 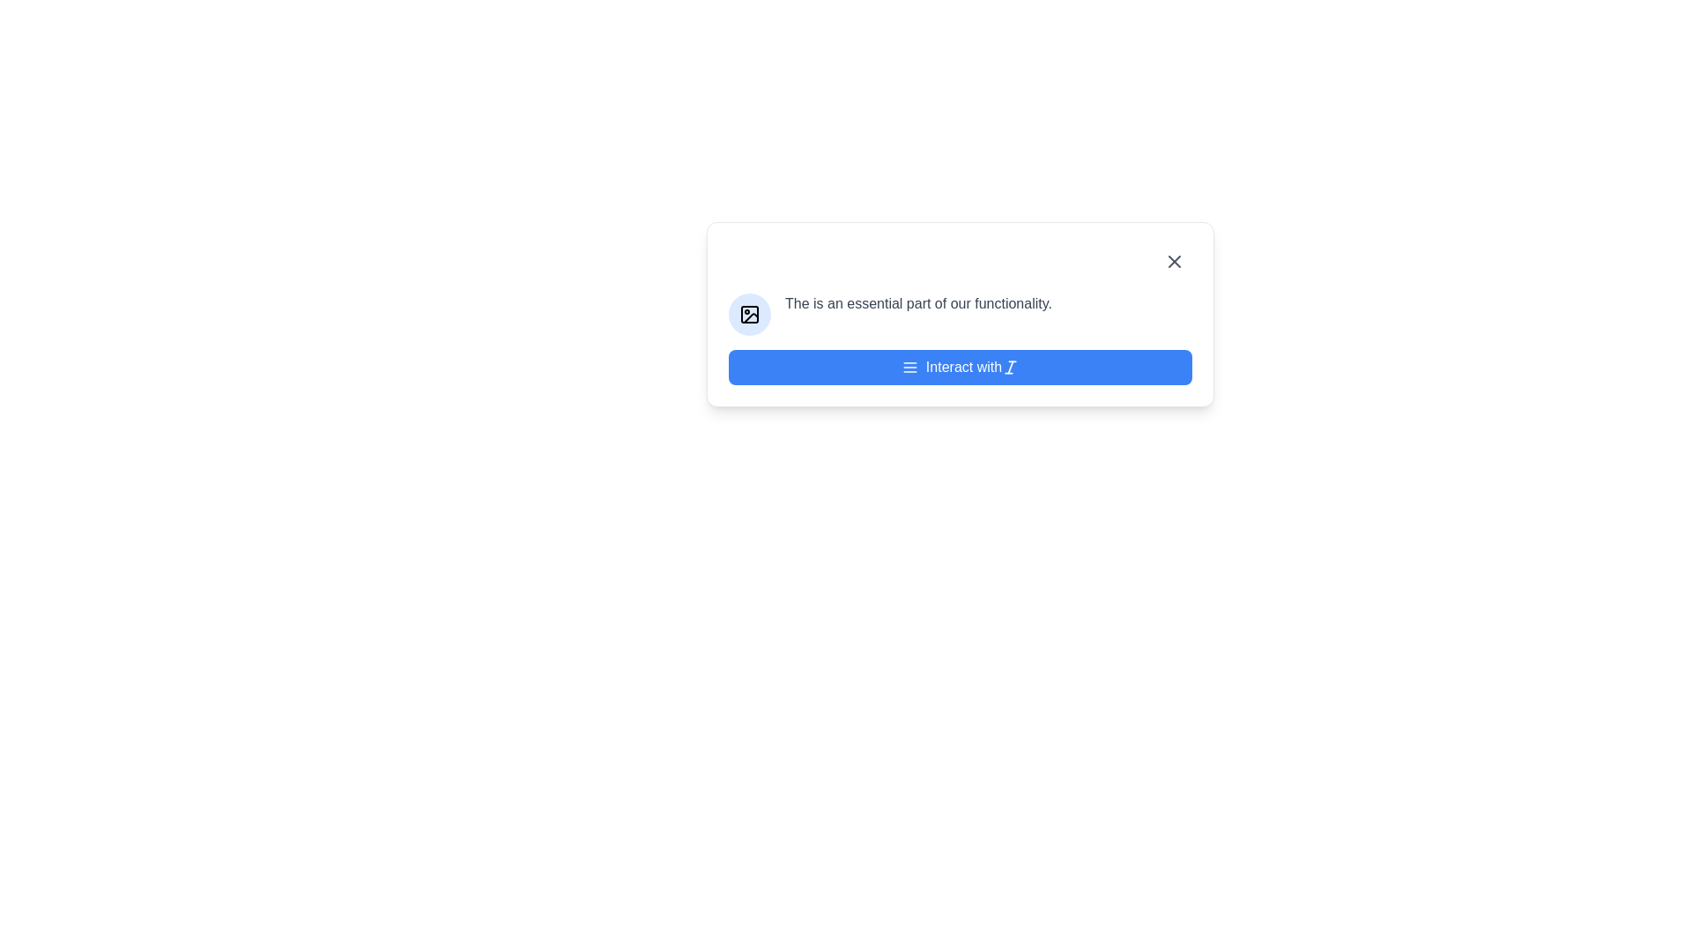 What do you see at coordinates (959, 314) in the screenshot?
I see `the horizontal layout element that consists of a blue circular icon with a white image-related symbol and the text label 'The is an essential part of our functionality.'` at bounding box center [959, 314].